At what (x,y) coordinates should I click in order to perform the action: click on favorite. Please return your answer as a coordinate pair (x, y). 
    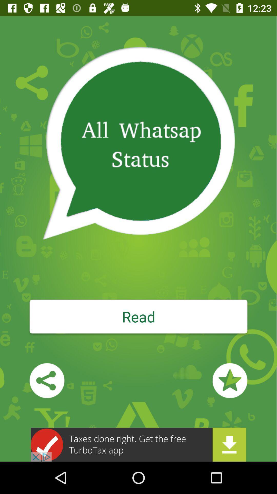
    Looking at the image, I should click on (230, 381).